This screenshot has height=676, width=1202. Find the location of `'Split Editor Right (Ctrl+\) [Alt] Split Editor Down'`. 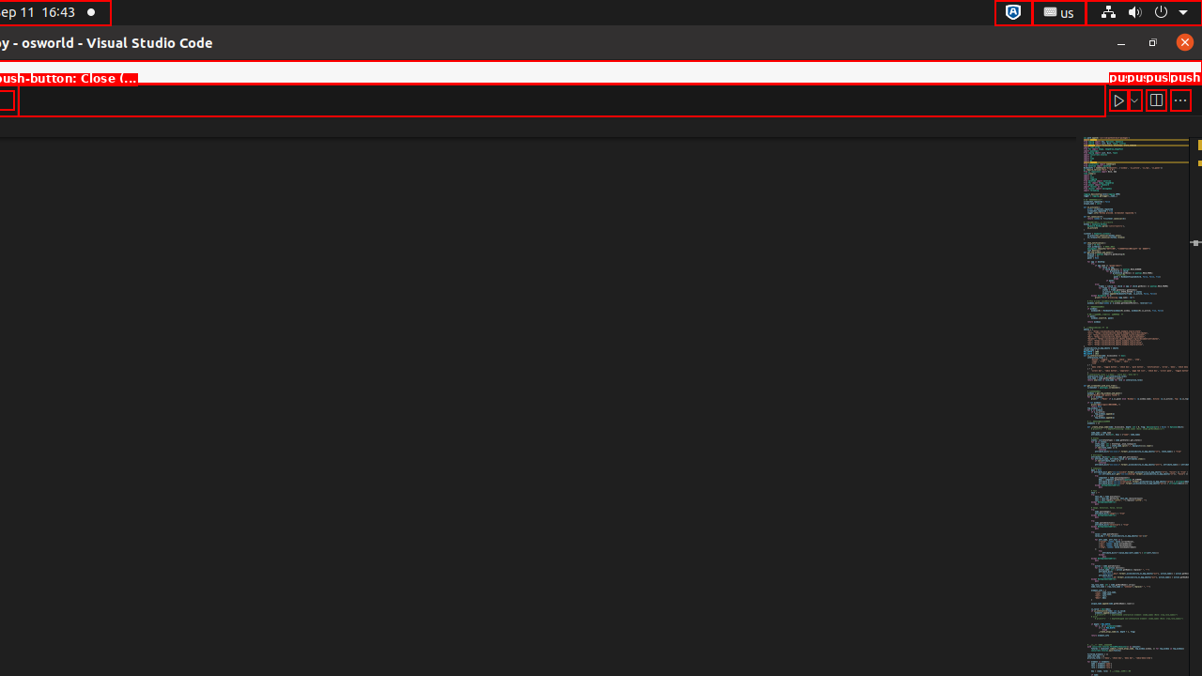

'Split Editor Right (Ctrl+\) [Alt] Split Editor Down' is located at coordinates (1154, 100).